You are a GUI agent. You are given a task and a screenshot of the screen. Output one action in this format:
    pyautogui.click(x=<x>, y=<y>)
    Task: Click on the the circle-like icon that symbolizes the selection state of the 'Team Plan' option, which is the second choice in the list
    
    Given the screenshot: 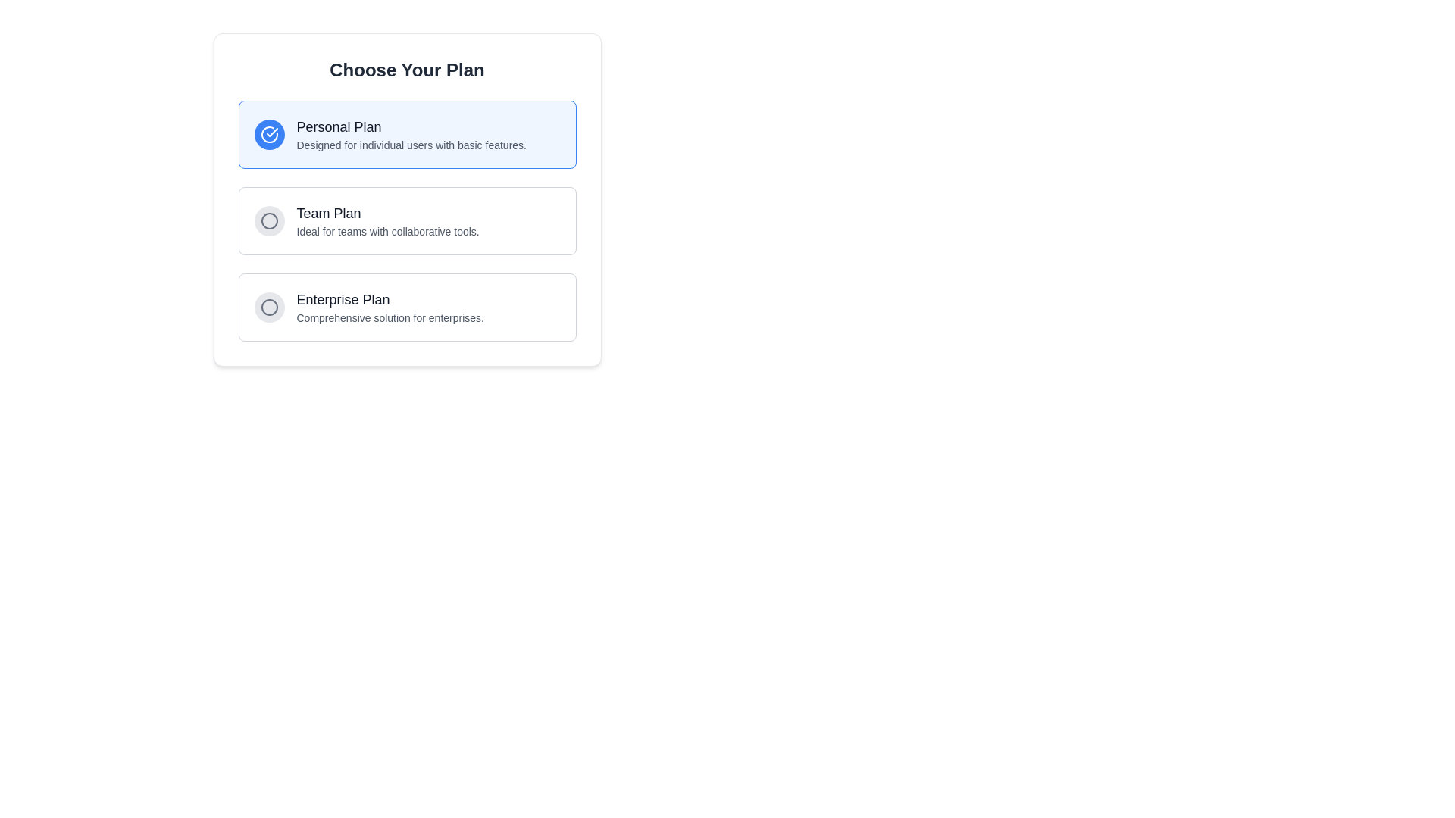 What is the action you would take?
    pyautogui.click(x=269, y=221)
    